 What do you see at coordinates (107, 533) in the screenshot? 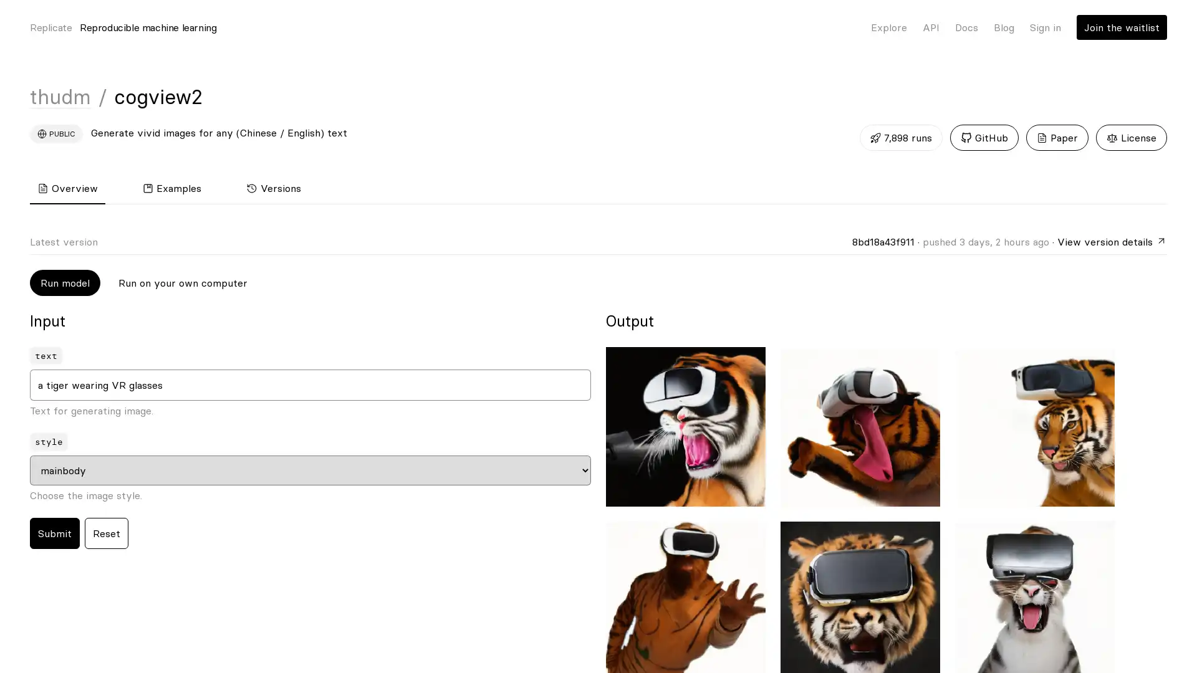
I see `Reset` at bounding box center [107, 533].